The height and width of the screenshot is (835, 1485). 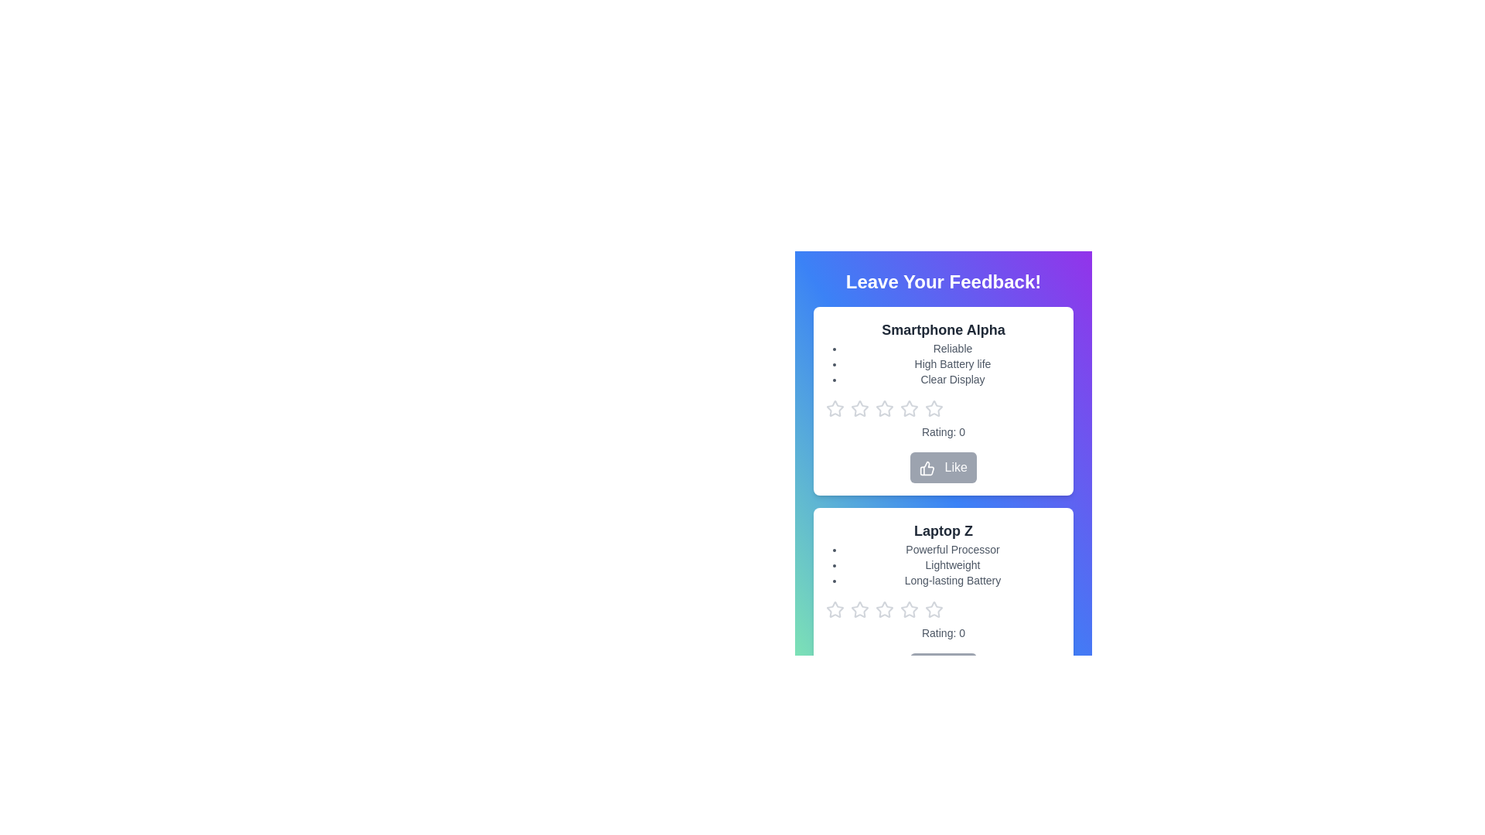 I want to click on the first rating star icon, so click(x=834, y=407).